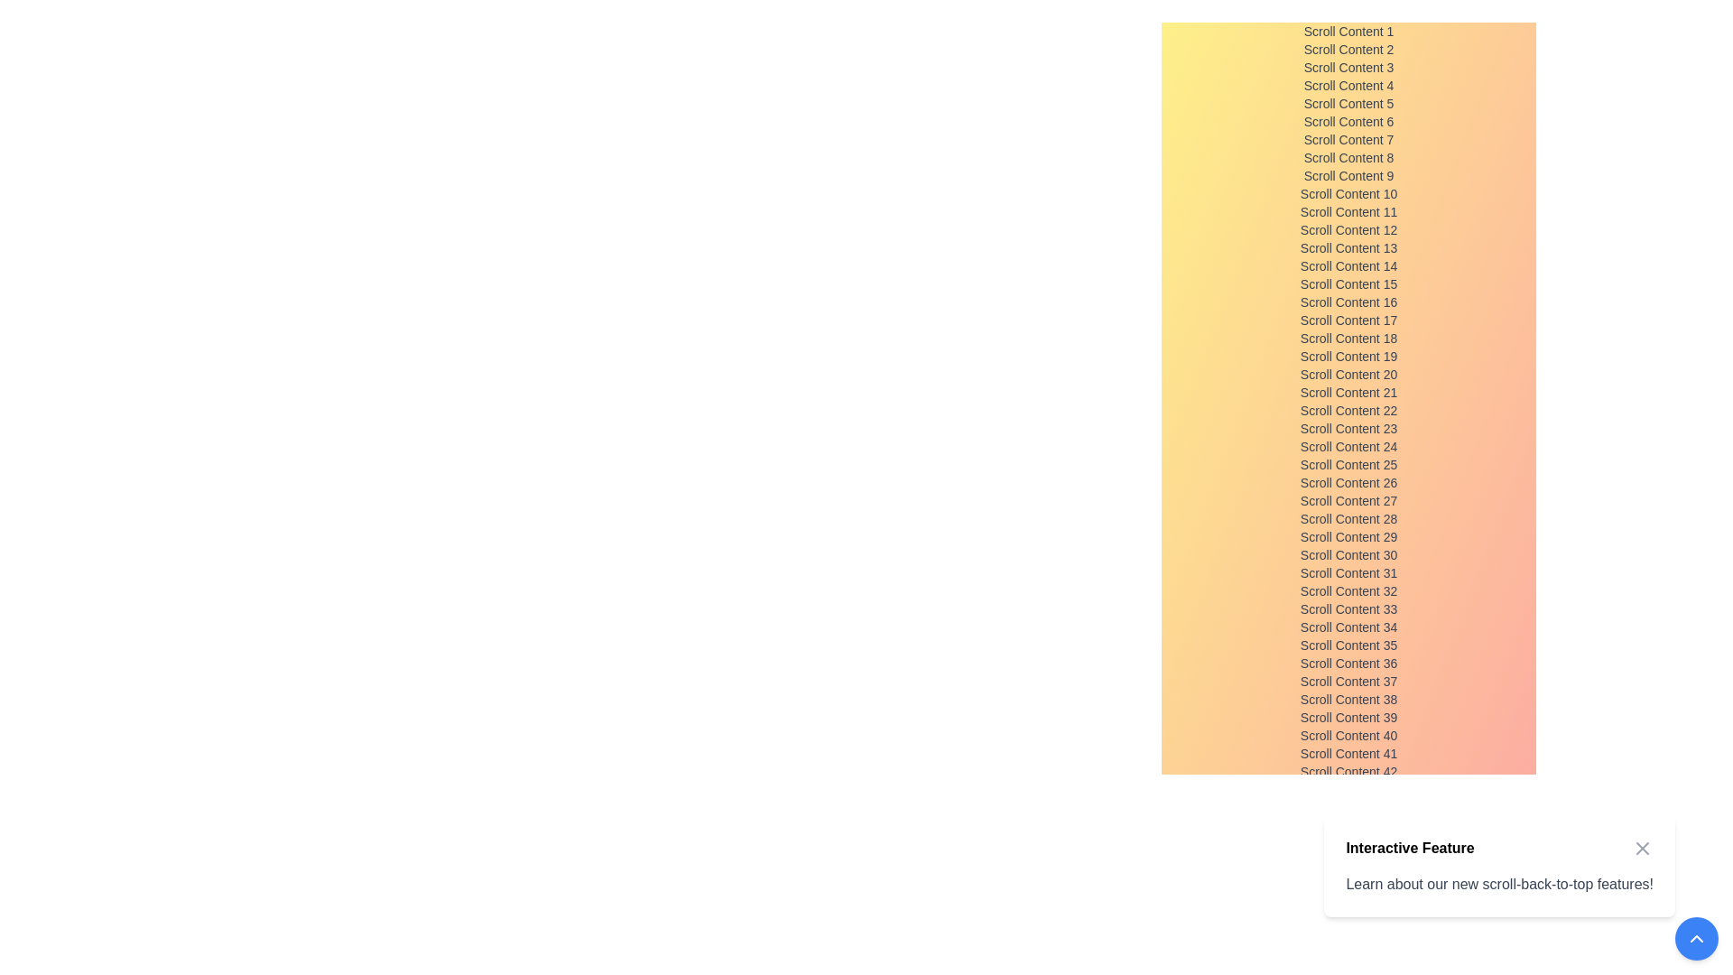 This screenshot has height=975, width=1733. I want to click on the 'scroll-to-top' button located in the bottom-right corner of the layout, below the 'Interactive Feature' box, so click(1696, 938).